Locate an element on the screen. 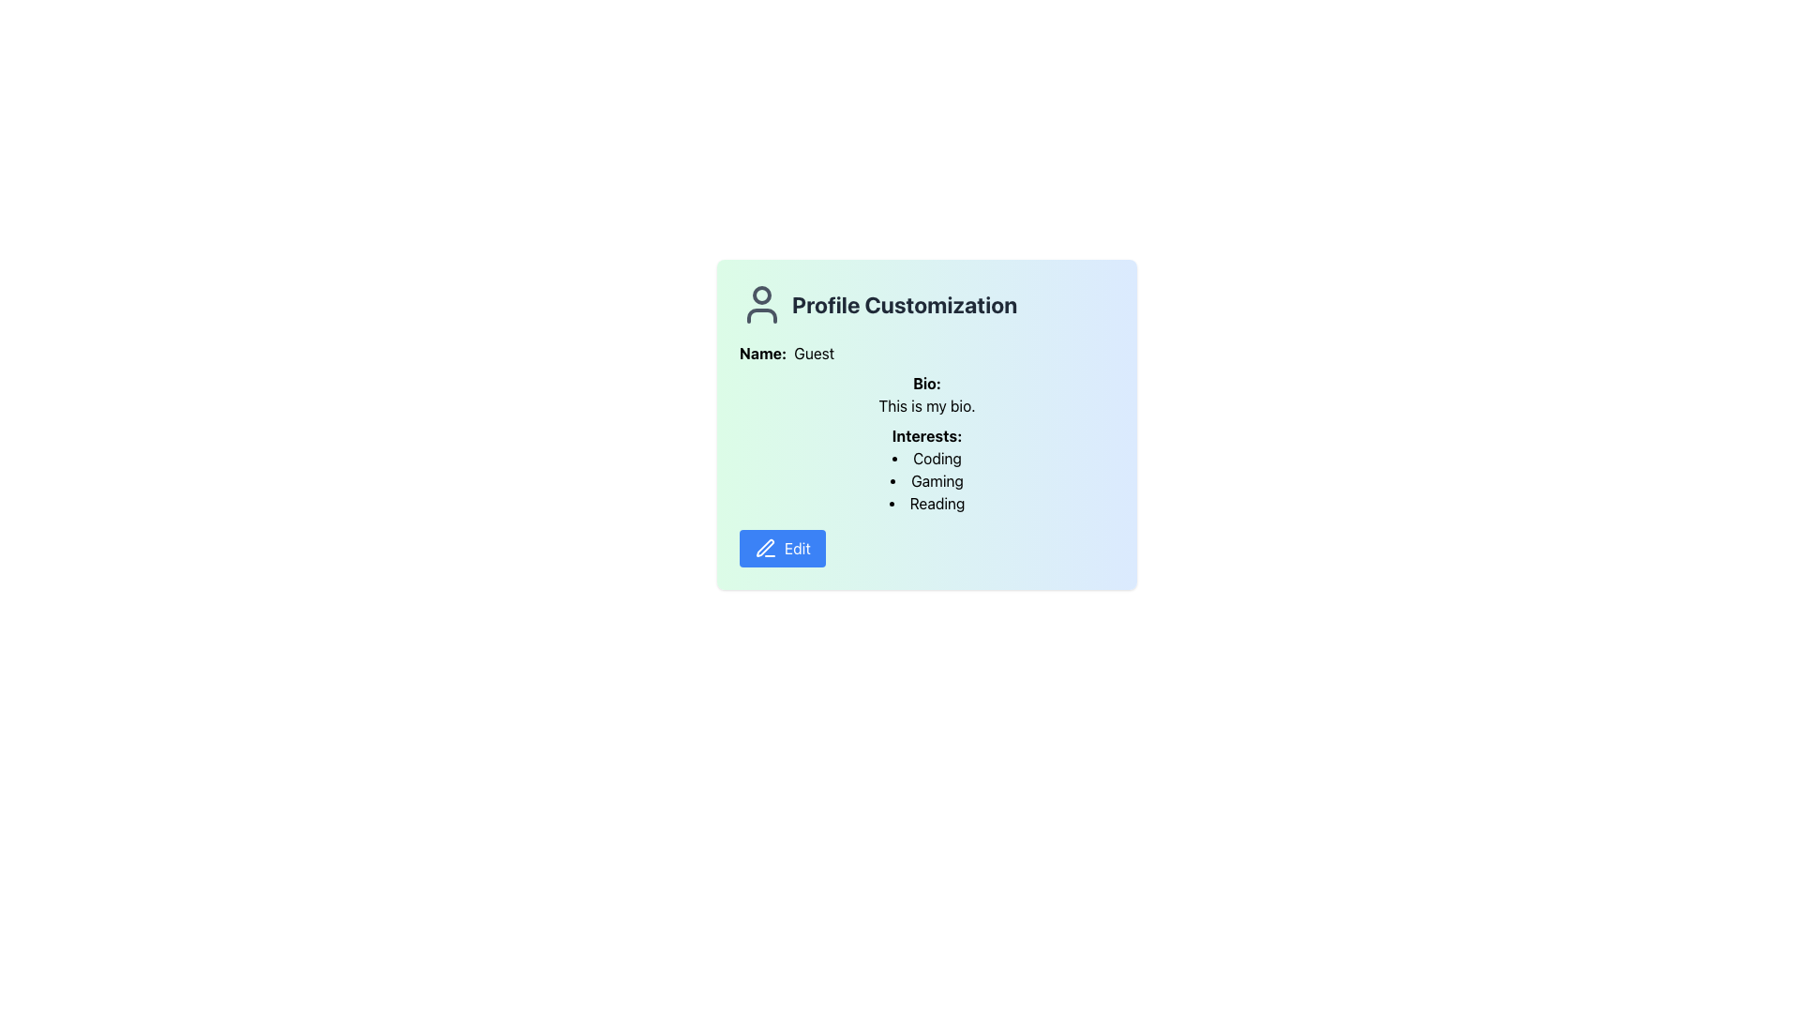  Text Label that describes the name, positioned to the left of the 'Guest' text in the card layout is located at coordinates (763, 354).